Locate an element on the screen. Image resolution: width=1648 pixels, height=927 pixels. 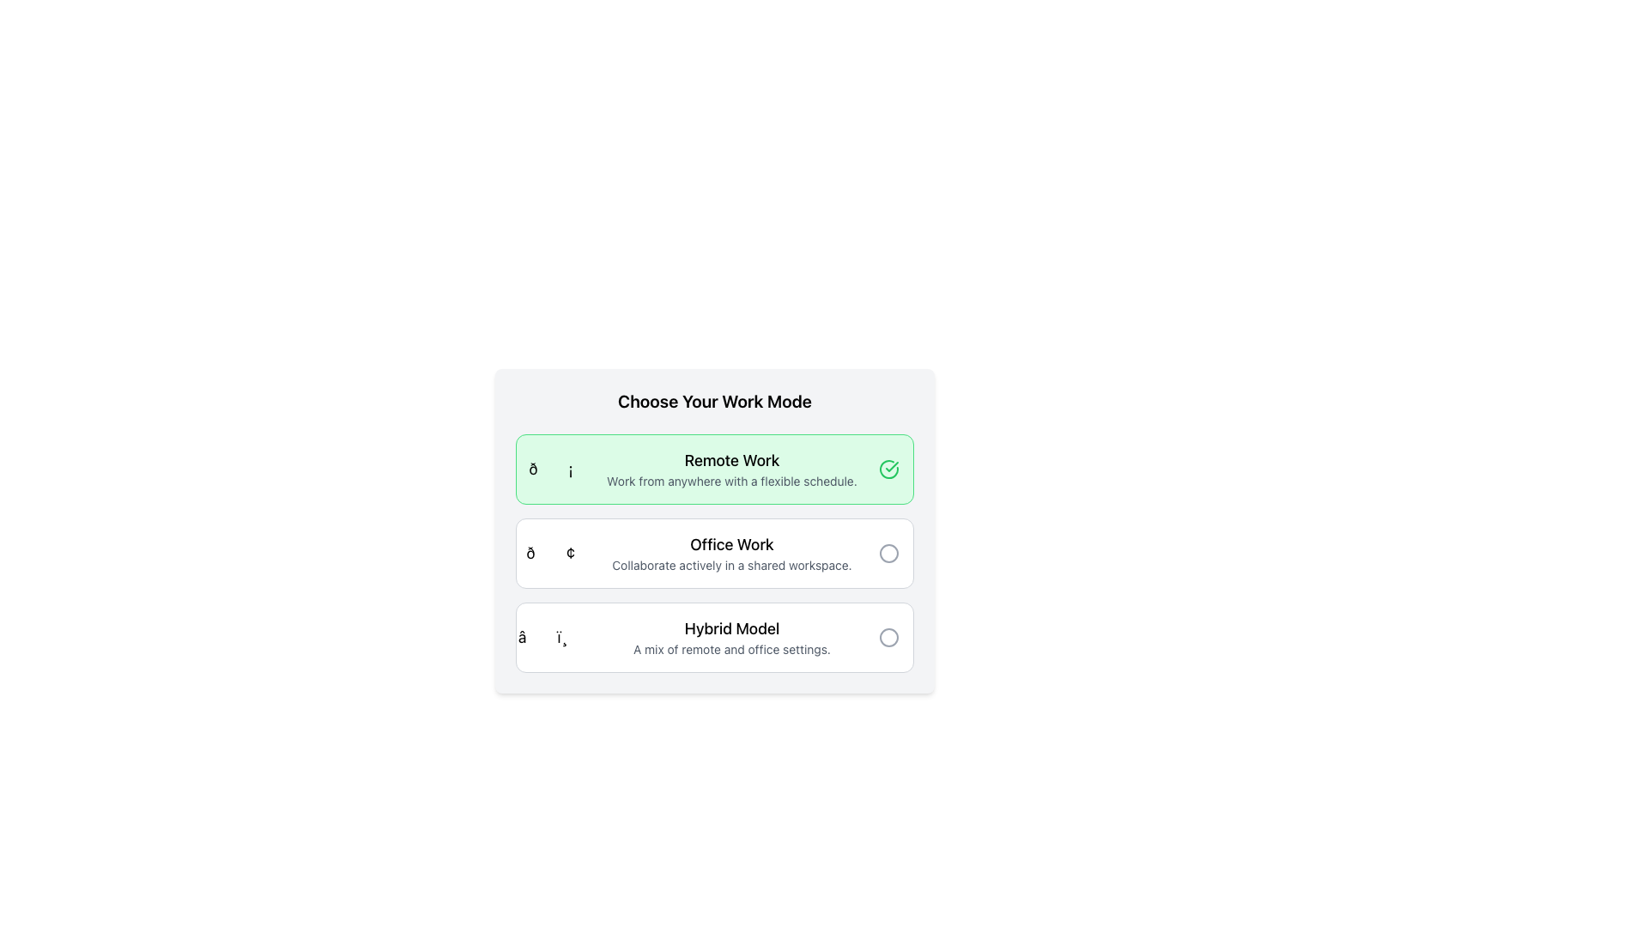
the Circle icon, which is a small circular outline icon styled in light gray located to the far right of the 'Hybrid Model' option in the selection list is located at coordinates (889, 638).